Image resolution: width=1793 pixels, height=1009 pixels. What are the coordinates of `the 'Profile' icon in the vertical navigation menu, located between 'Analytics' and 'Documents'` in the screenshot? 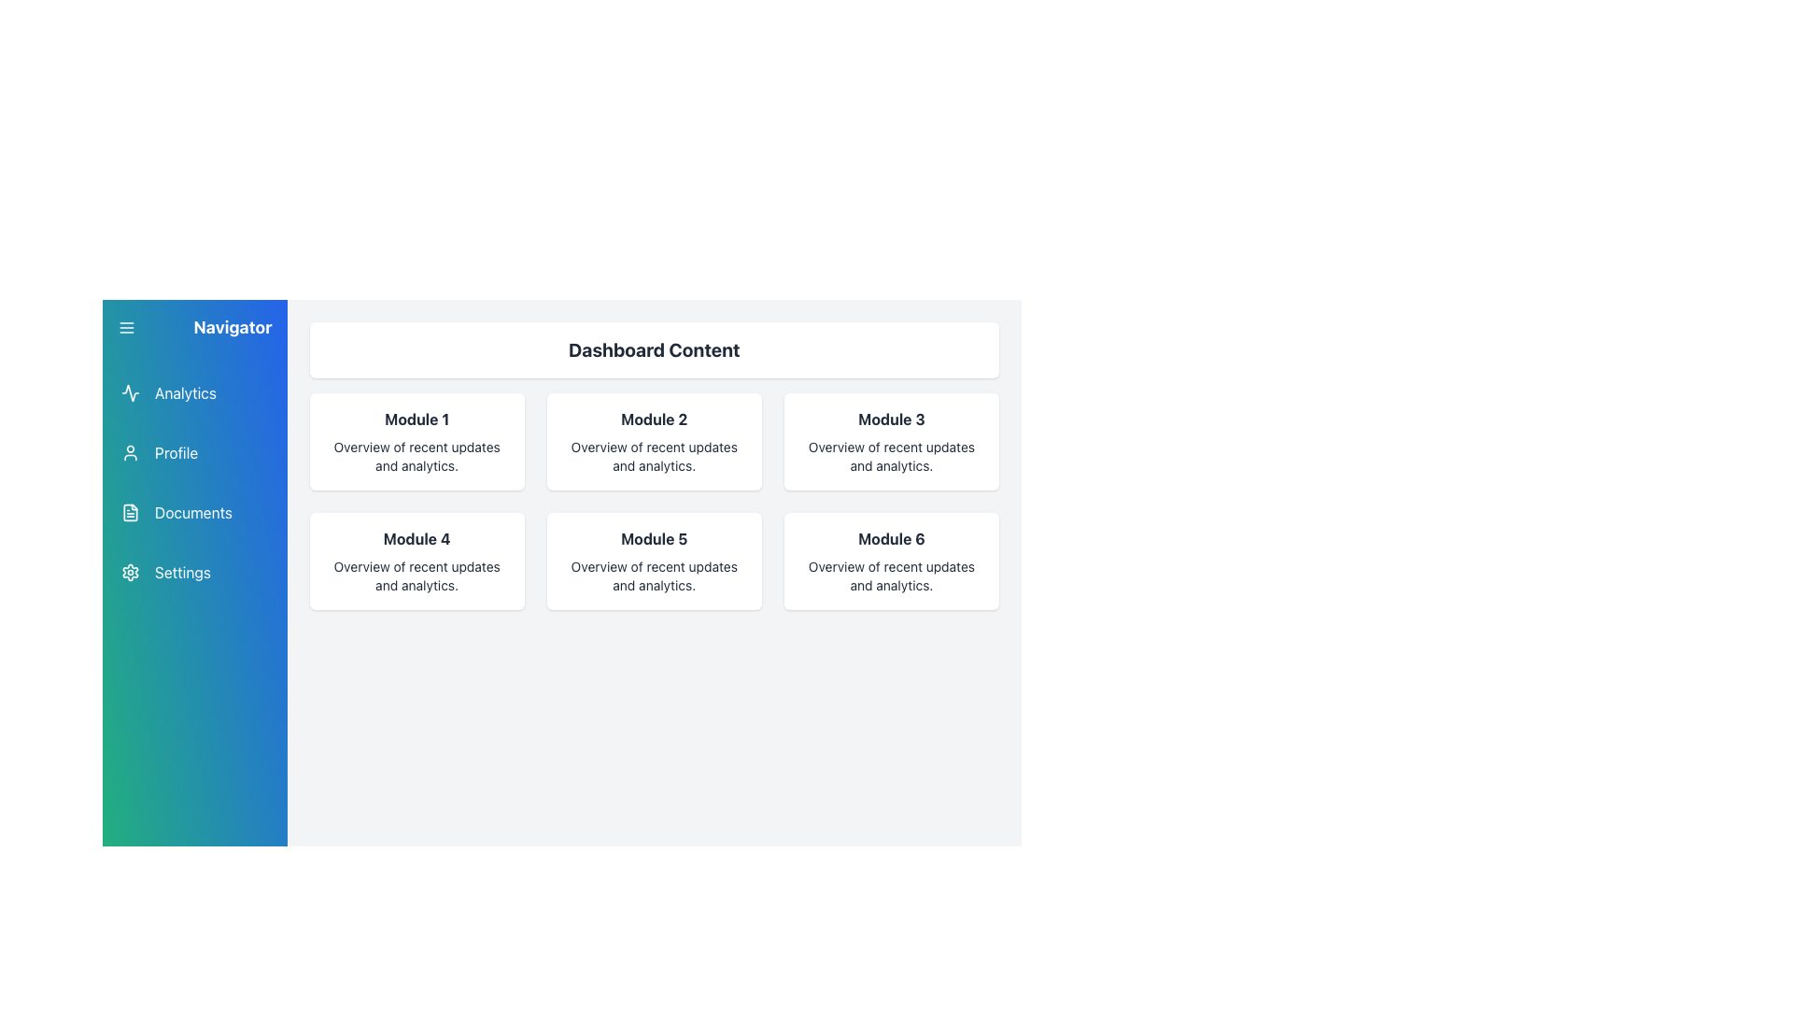 It's located at (129, 453).